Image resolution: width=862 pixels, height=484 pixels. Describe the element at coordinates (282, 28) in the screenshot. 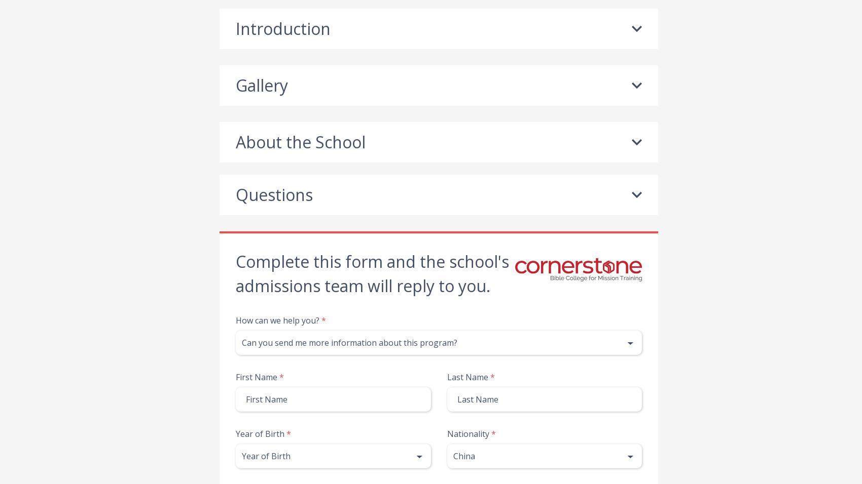

I see `'Introduction'` at that location.